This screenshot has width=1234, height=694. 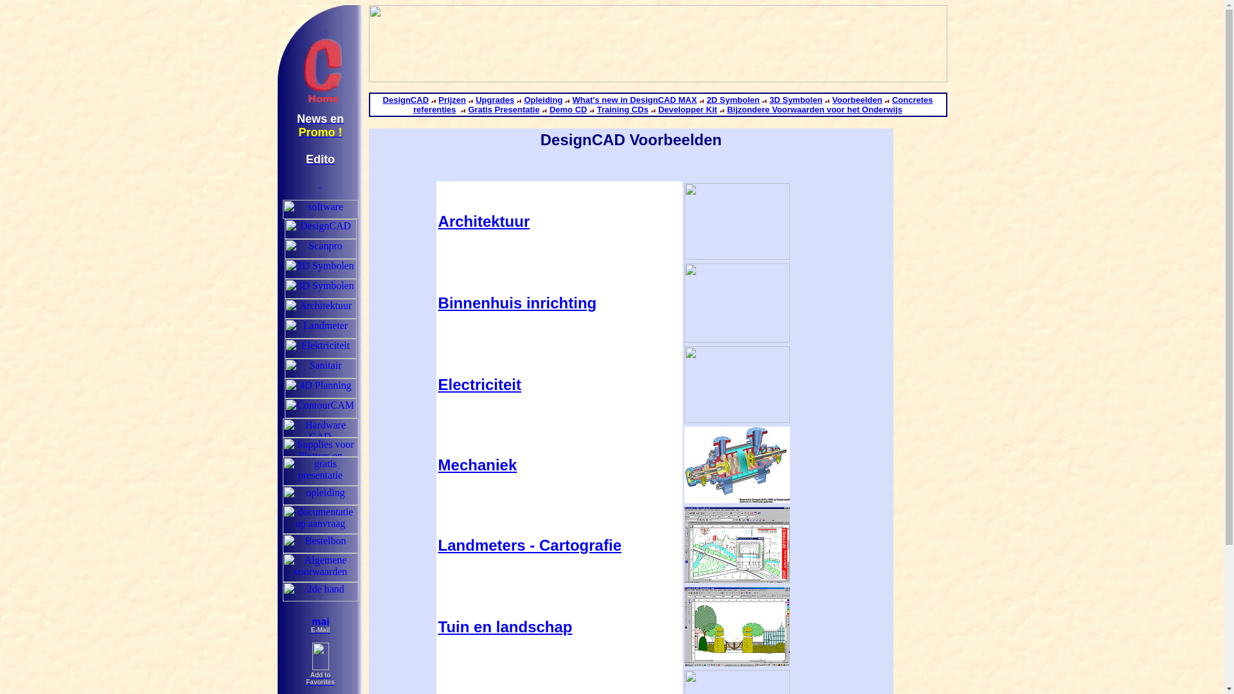 What do you see at coordinates (503, 109) in the screenshot?
I see `'Gratis Presentatie'` at bounding box center [503, 109].